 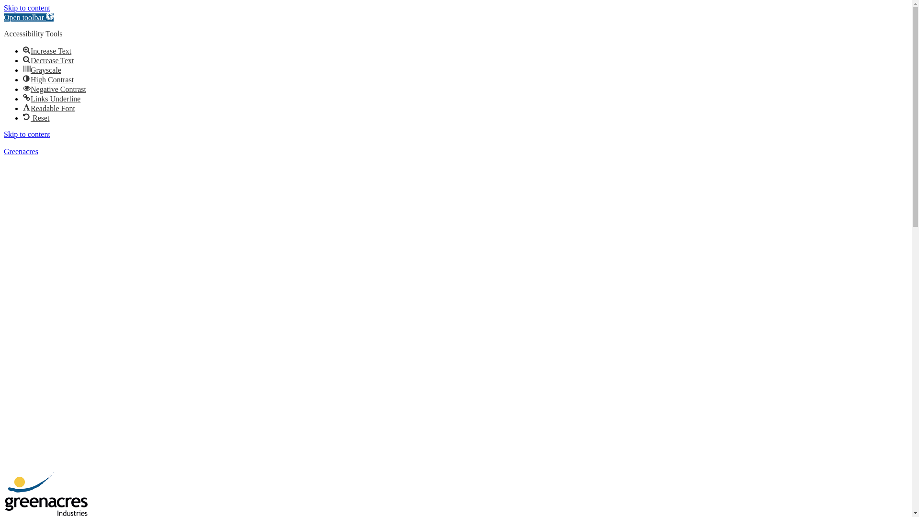 I want to click on 'High ContrastHigh Contrast', so click(x=23, y=79).